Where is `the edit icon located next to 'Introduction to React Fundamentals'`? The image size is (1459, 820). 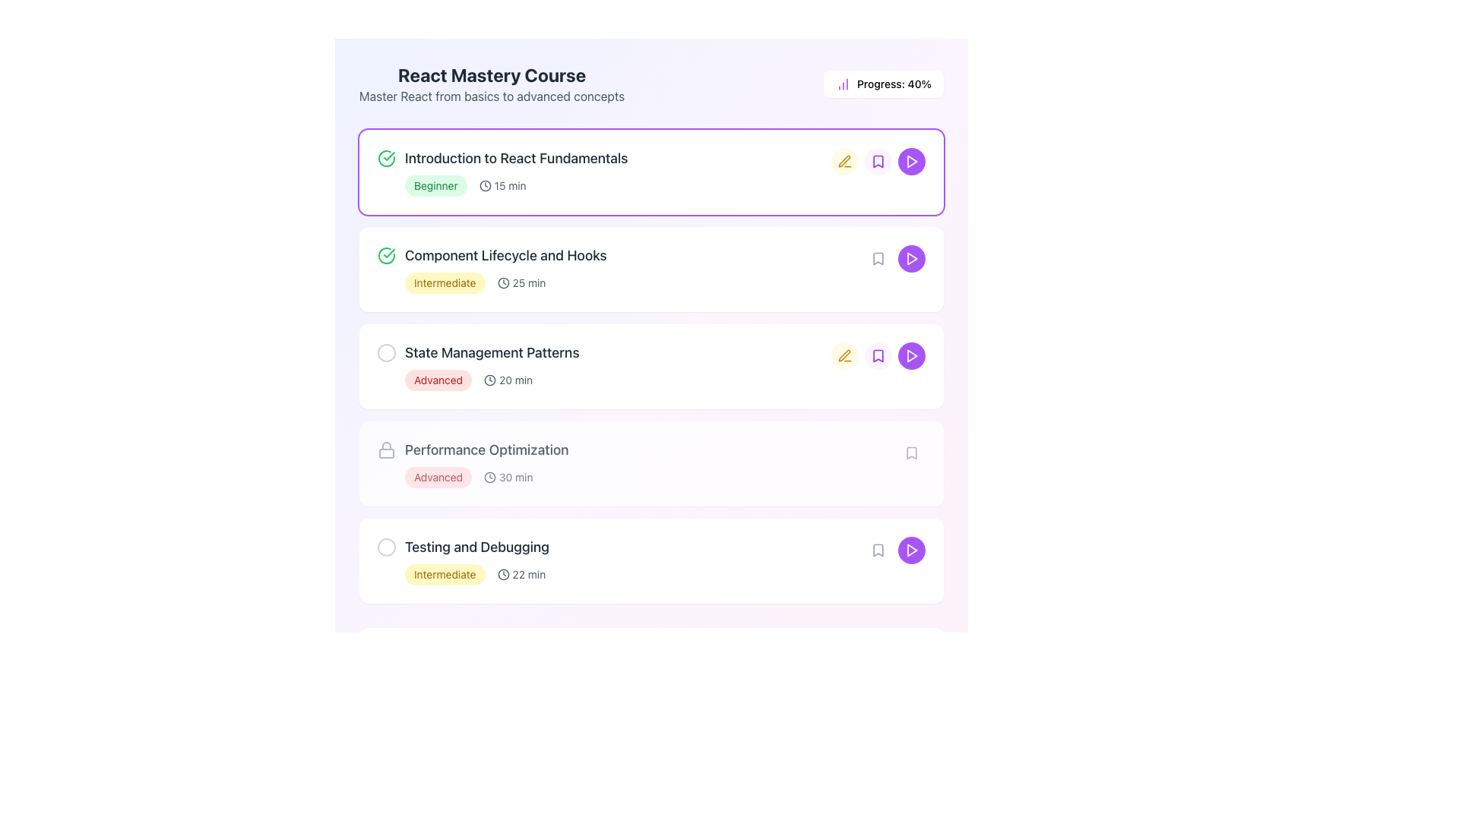 the edit icon located next to 'Introduction to React Fundamentals' is located at coordinates (843, 355).